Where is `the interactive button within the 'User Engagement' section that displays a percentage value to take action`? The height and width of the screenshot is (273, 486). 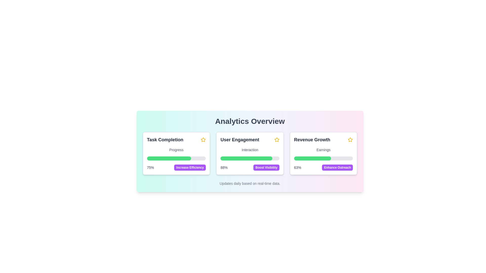
the interactive button within the 'User Engagement' section that displays a percentage value to take action is located at coordinates (250, 168).